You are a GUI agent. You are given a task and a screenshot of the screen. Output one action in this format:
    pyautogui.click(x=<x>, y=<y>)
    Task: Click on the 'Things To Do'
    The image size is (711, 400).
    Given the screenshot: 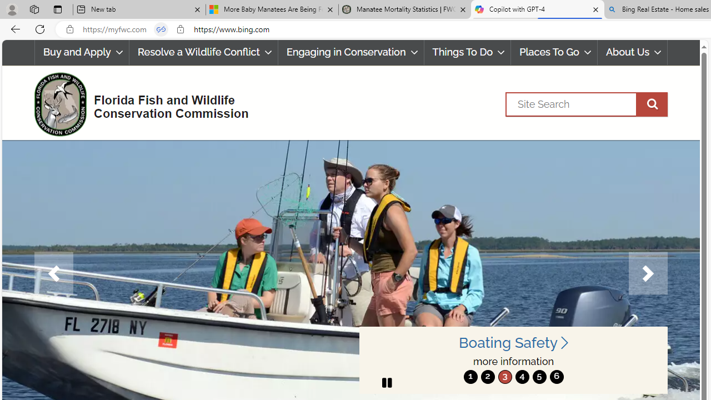 What is the action you would take?
    pyautogui.click(x=468, y=52)
    